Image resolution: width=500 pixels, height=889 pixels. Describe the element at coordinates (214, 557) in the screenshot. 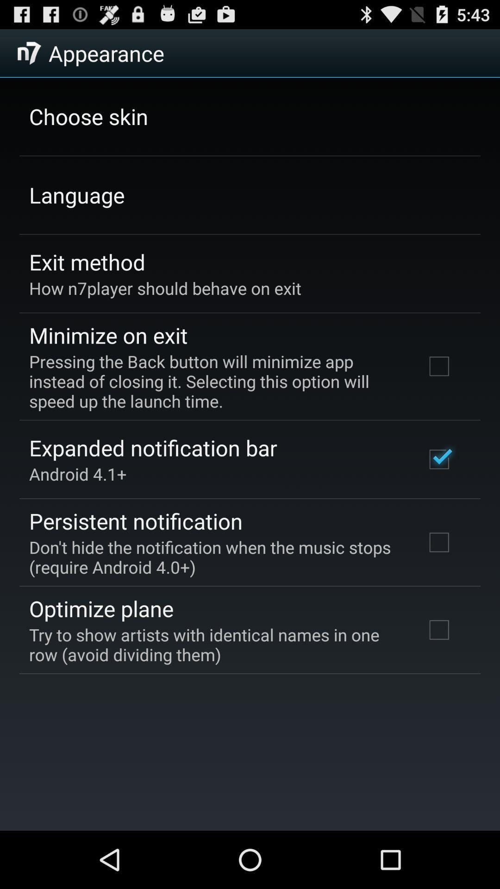

I see `the don t hide app` at that location.